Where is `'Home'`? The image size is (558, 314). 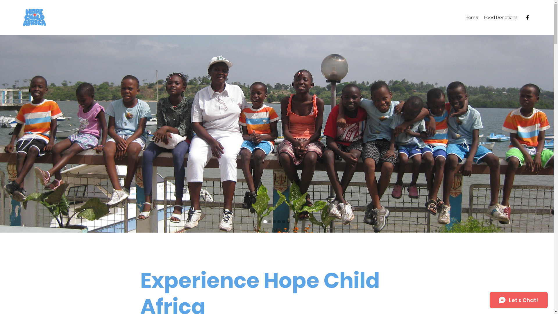 'Home' is located at coordinates (472, 17).